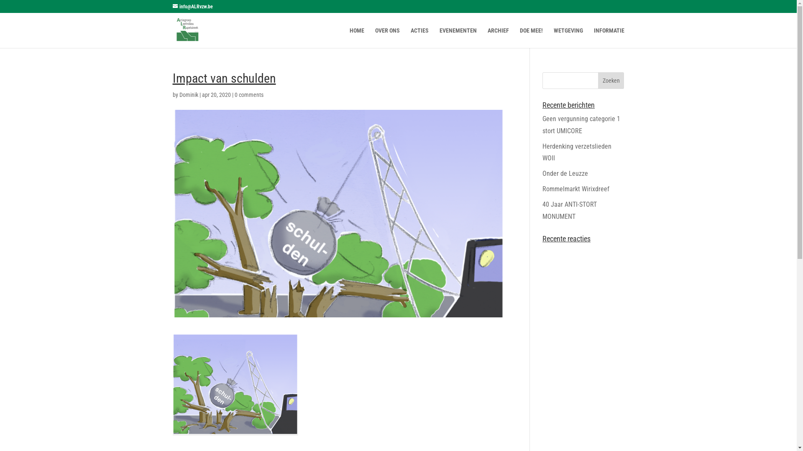 This screenshot has height=451, width=803. What do you see at coordinates (349, 38) in the screenshot?
I see `'HOME'` at bounding box center [349, 38].